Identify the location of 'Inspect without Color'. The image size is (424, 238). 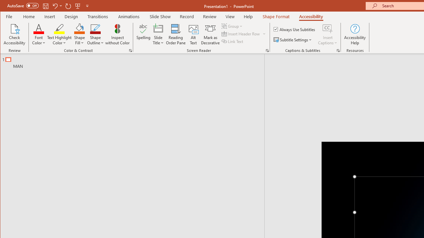
(118, 34).